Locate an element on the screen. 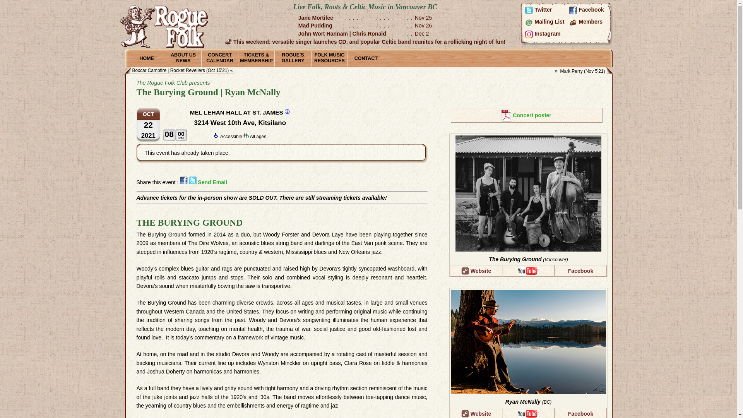  'CONCERT CALENDAR' is located at coordinates (201, 58).